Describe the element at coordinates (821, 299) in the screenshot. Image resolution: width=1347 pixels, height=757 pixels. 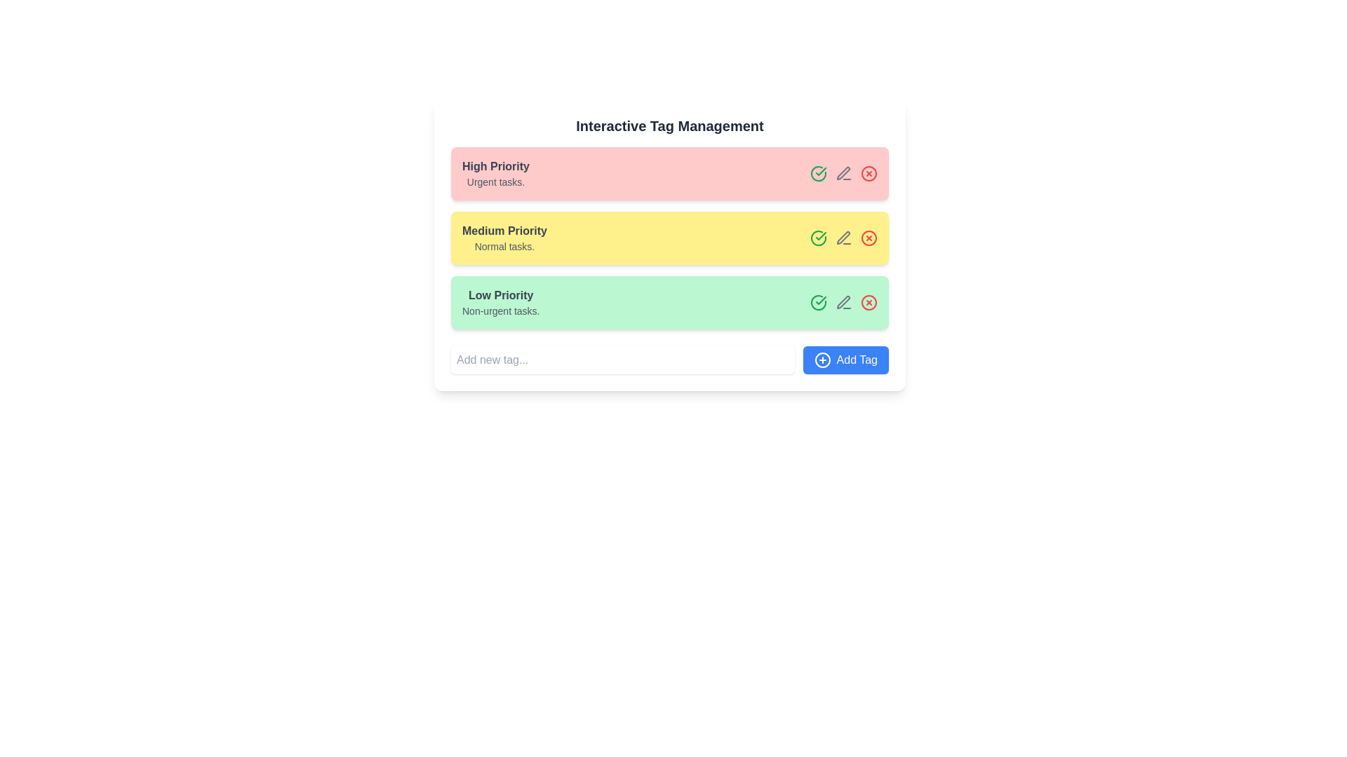
I see `the 'Low Priority' icon located inside the green button area` at that location.